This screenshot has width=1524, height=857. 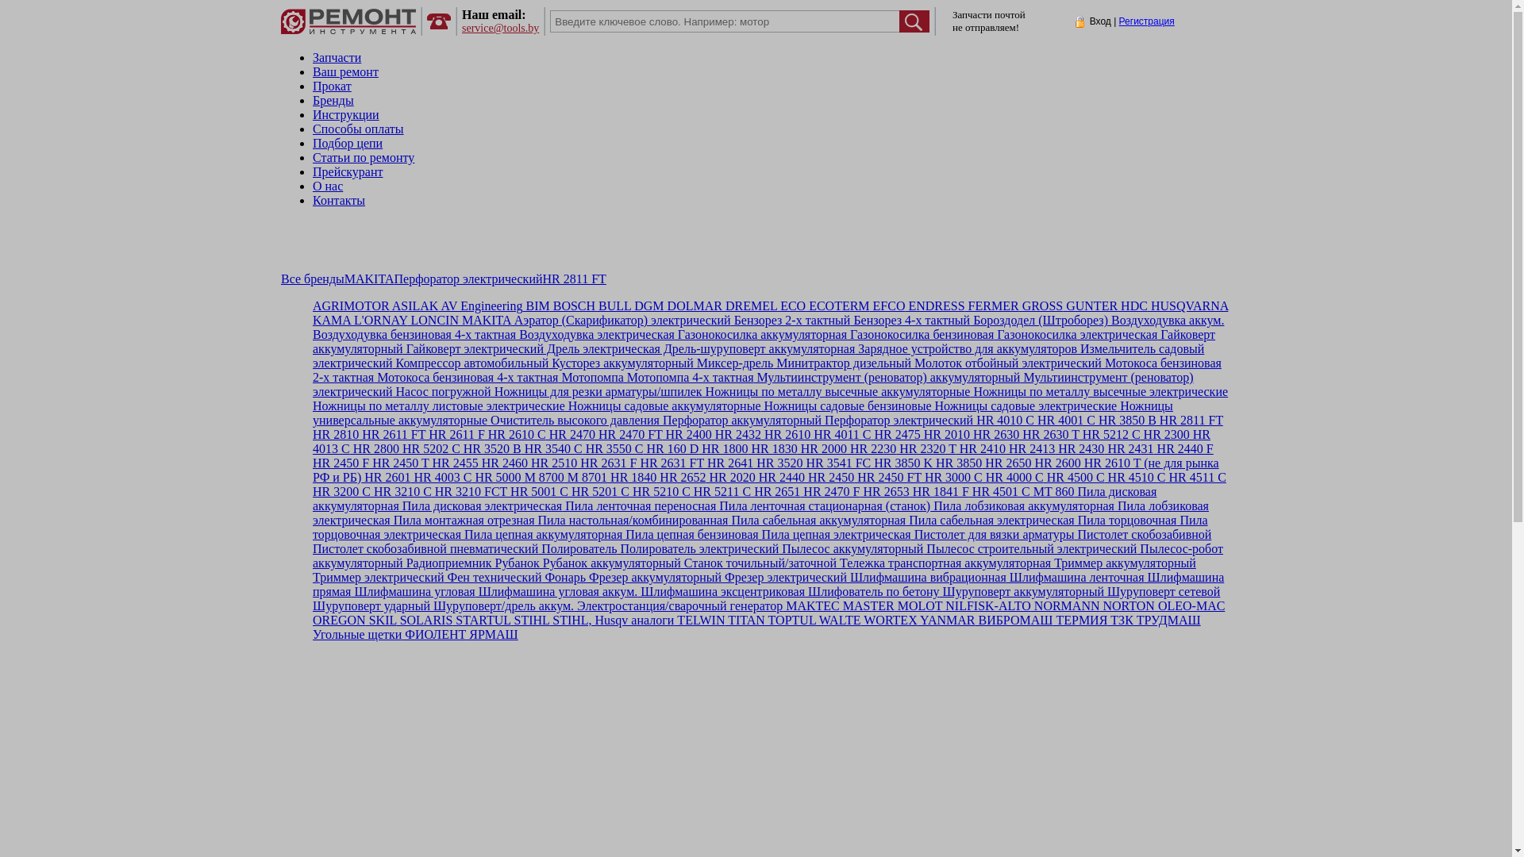 What do you see at coordinates (681, 476) in the screenshot?
I see `'HR 2652'` at bounding box center [681, 476].